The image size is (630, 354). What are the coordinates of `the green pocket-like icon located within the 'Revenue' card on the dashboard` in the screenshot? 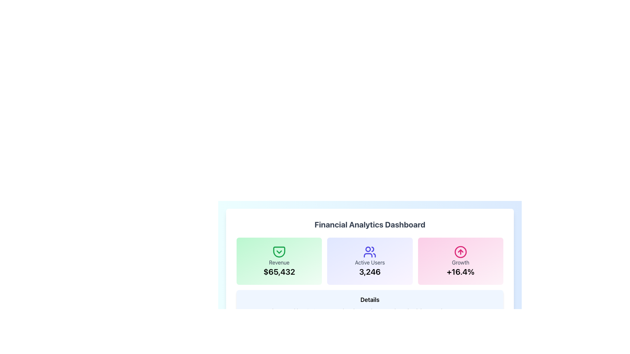 It's located at (279, 251).